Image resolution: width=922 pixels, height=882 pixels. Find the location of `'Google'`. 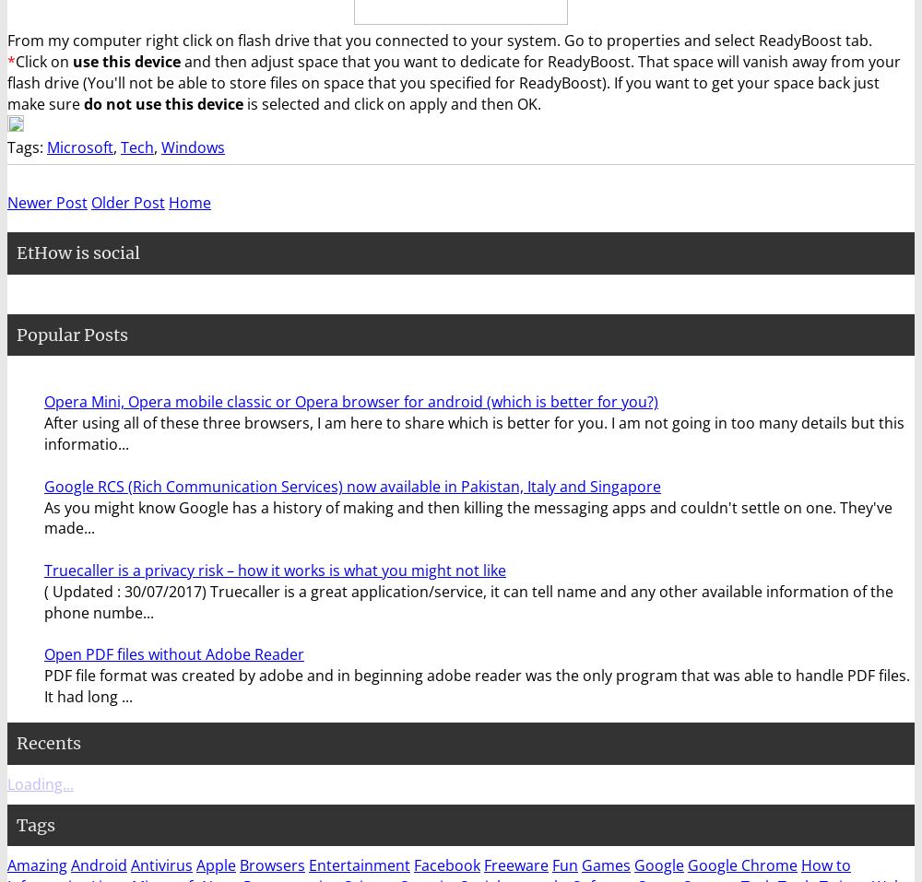

'Google' is located at coordinates (634, 865).